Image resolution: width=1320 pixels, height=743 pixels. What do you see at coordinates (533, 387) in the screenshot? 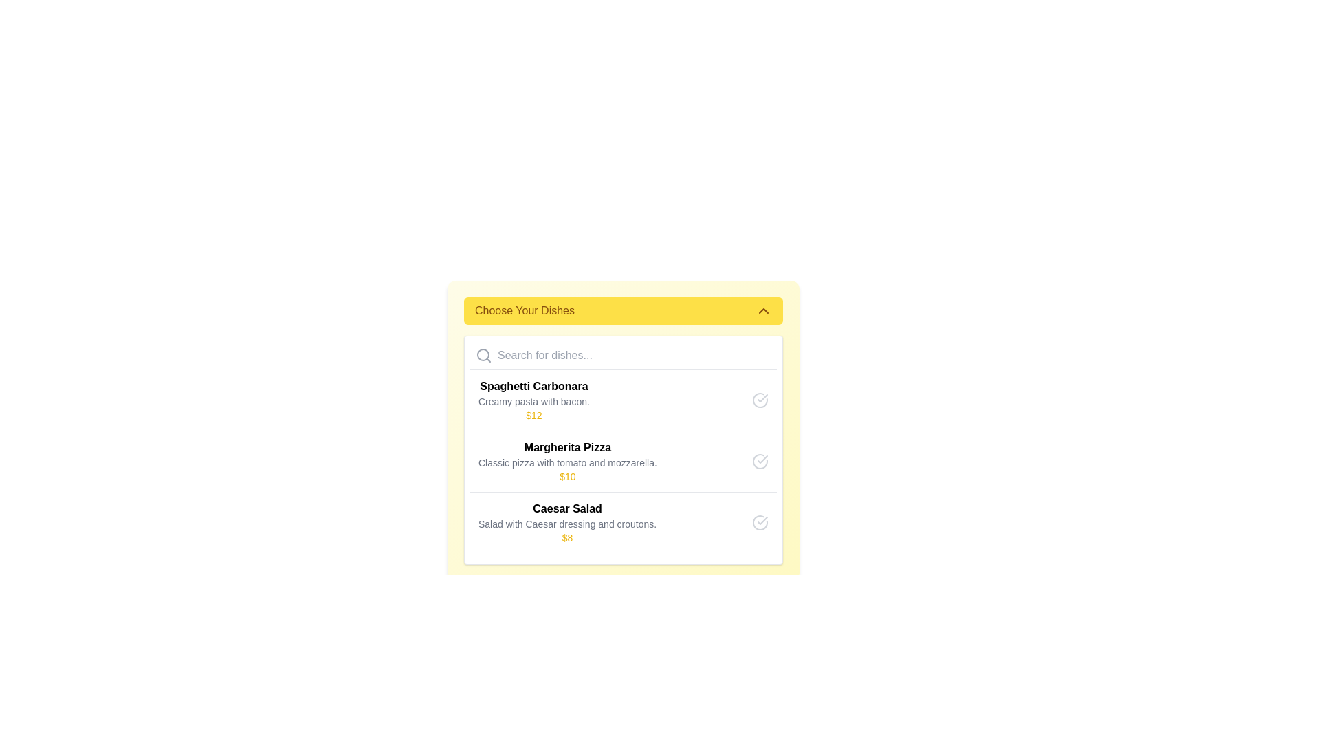
I see `the text label displaying the title 'Spaghetti Carbonara', which is prominently positioned above the descriptive text and price within a yellow-themed card interface` at bounding box center [533, 387].